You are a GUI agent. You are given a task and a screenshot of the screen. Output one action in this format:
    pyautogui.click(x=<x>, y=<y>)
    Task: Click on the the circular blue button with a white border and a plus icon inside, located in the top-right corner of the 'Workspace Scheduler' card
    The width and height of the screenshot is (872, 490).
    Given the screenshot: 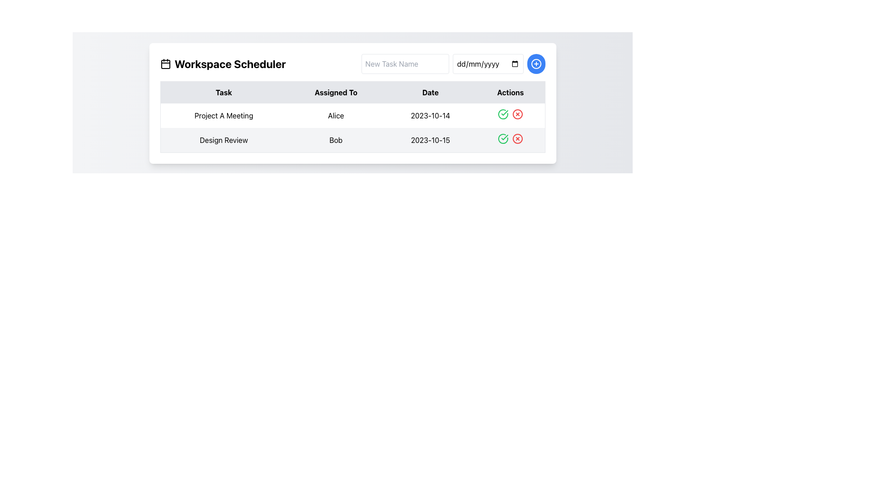 What is the action you would take?
    pyautogui.click(x=536, y=64)
    